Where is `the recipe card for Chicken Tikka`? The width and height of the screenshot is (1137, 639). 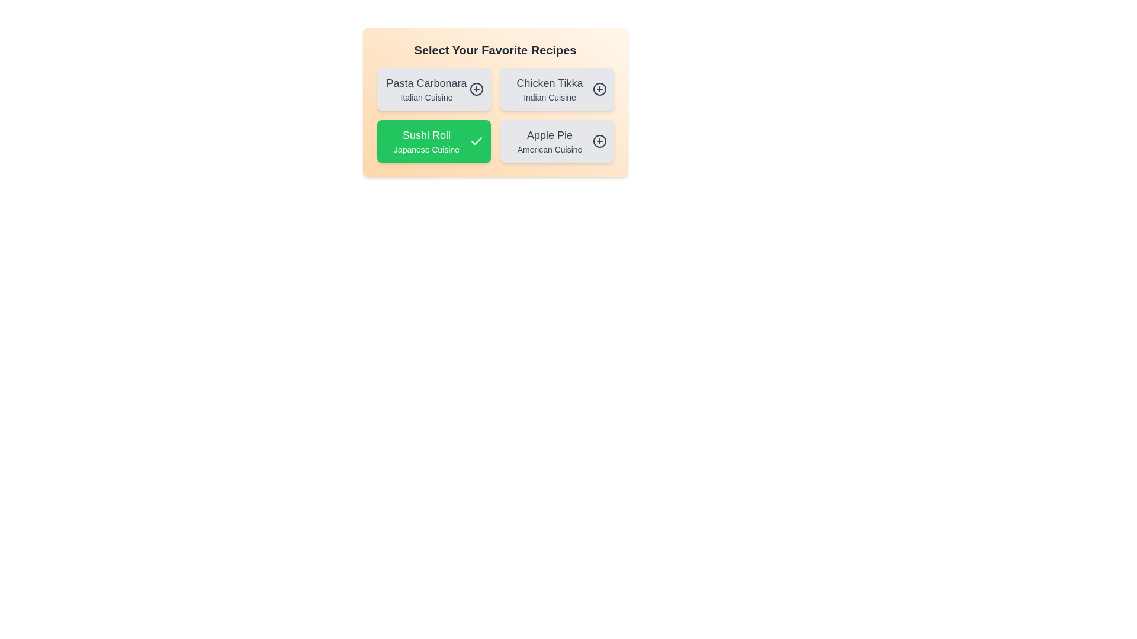
the recipe card for Chicken Tikka is located at coordinates (556, 88).